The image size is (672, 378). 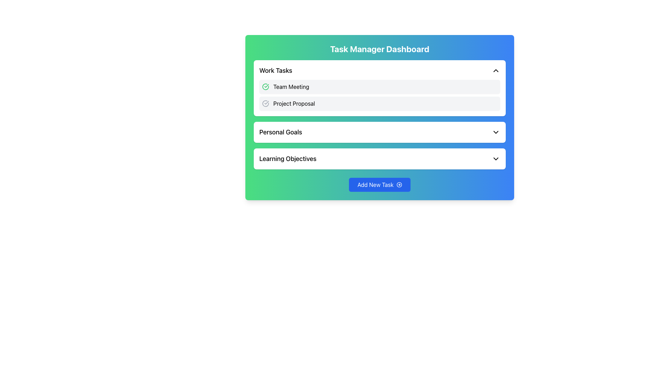 What do you see at coordinates (399, 184) in the screenshot?
I see `the circular icon with a right-pointing arrow, which is located to the right of the 'Add New Task' text in the button at the center-bottom area of the interface` at bounding box center [399, 184].